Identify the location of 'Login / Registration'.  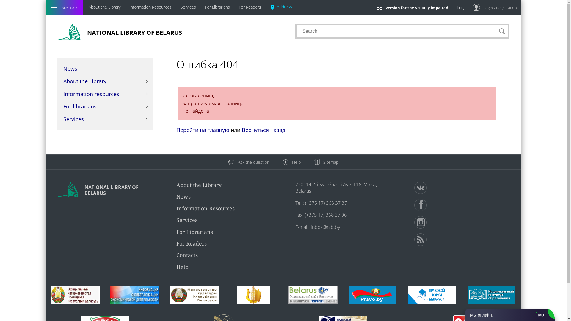
(468, 7).